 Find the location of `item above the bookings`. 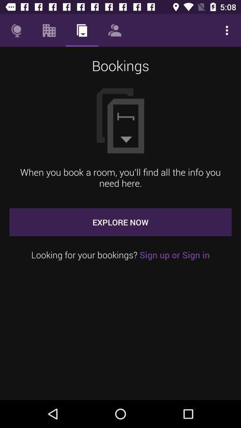

item above the bookings is located at coordinates (115, 30).